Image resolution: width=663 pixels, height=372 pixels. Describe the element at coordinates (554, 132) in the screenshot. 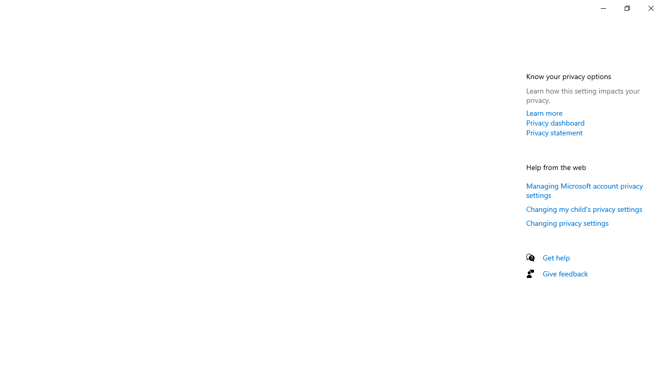

I see `'Privacy statement'` at that location.